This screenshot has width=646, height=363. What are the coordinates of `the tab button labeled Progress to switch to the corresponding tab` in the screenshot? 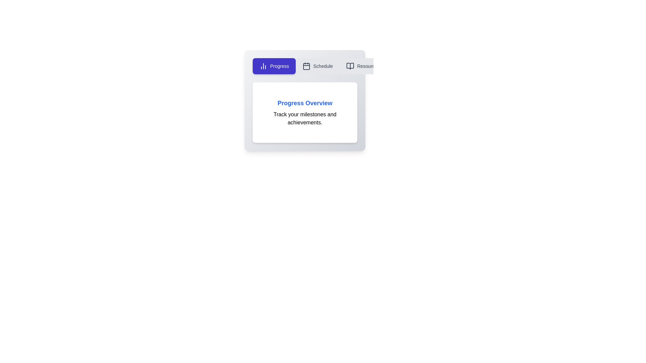 It's located at (274, 66).